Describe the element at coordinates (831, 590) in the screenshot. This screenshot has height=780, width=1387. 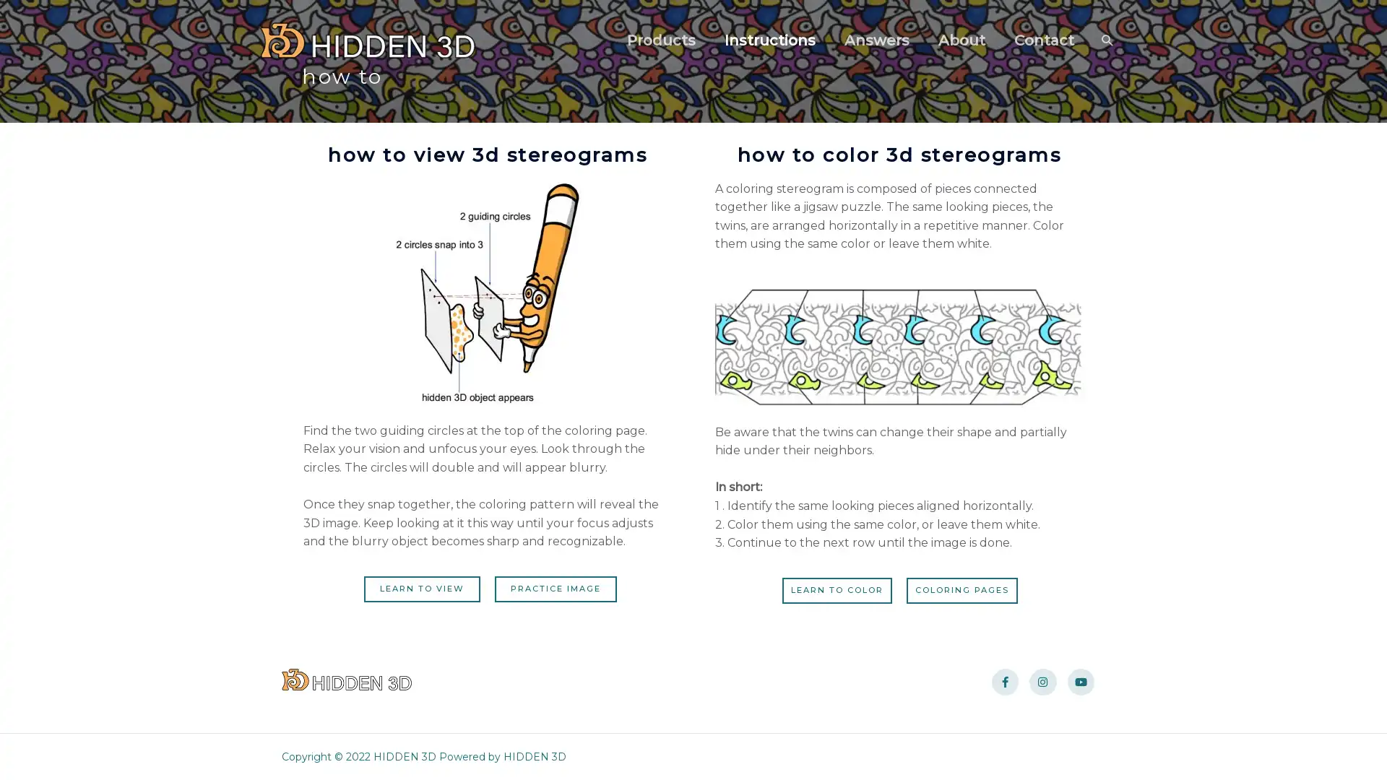
I see `LEARN TO COLOR` at that location.